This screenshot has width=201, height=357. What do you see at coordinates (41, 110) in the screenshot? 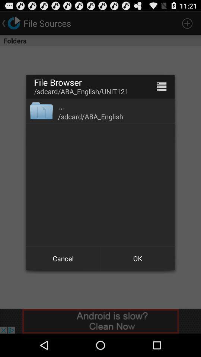
I see `the app to the left of ... icon` at bounding box center [41, 110].